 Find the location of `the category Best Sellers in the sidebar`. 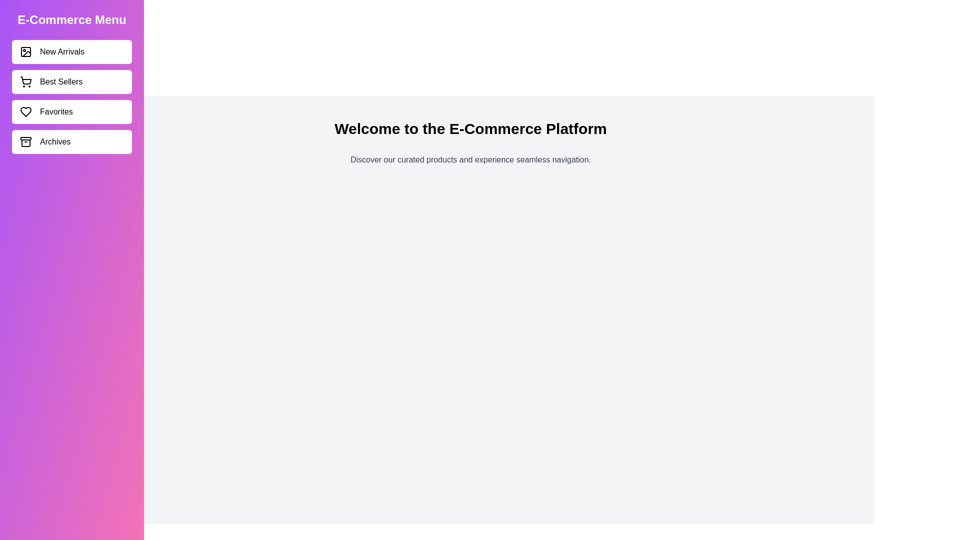

the category Best Sellers in the sidebar is located at coordinates (71, 81).